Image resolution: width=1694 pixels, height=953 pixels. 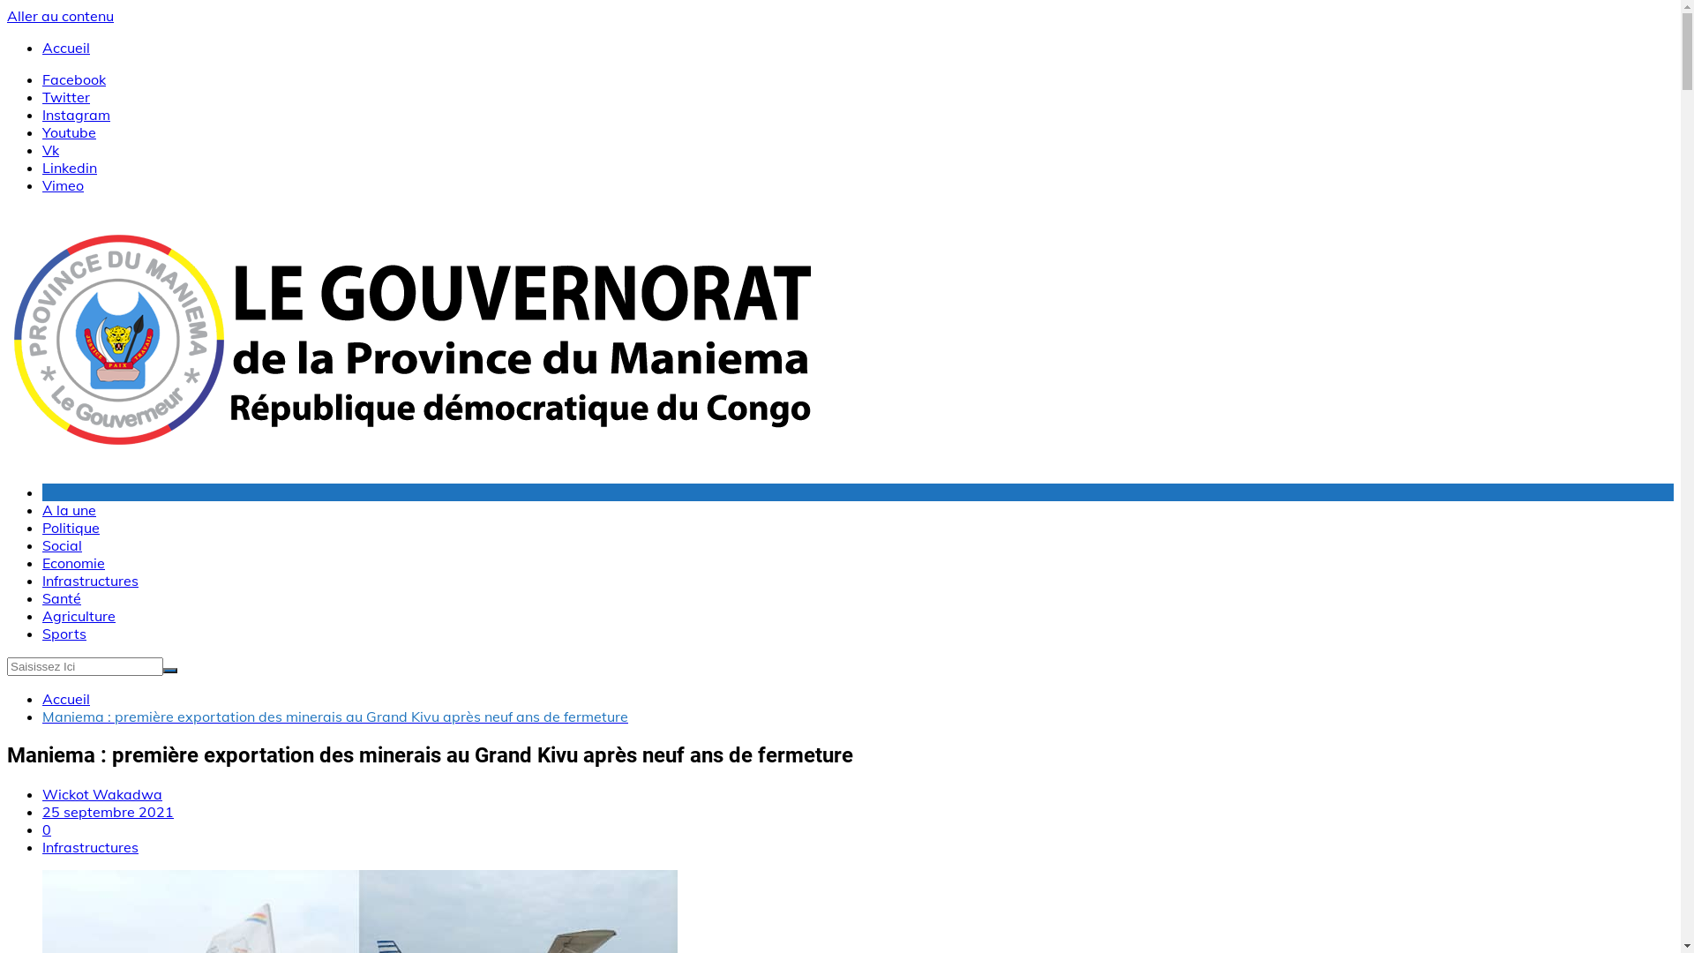 I want to click on 'Youtube', so click(x=69, y=131).